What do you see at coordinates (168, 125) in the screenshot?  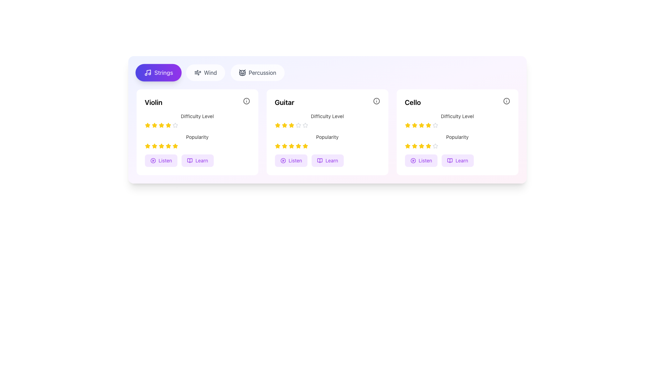 I see `the fourth star icon, filled with yellow color, in the 'Difficulty Level' section for the 'Violin' under the 'Strings' tab` at bounding box center [168, 125].